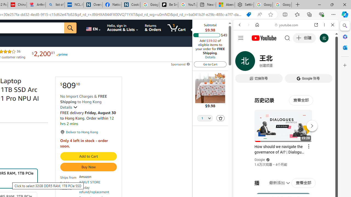  I want to click on 'Delete', so click(220, 118).